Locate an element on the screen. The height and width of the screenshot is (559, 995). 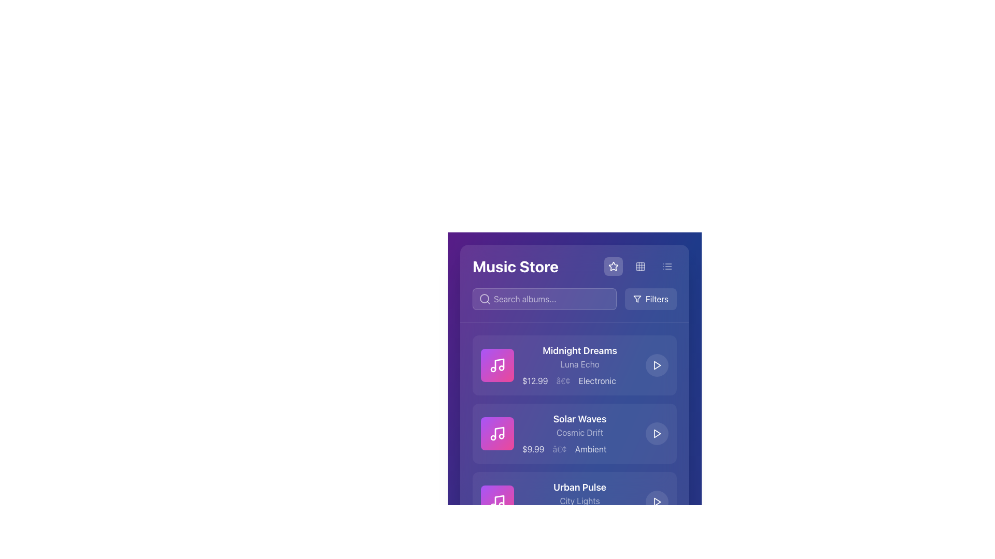
text label identifying the name of the second displayed music album, positioned between 'Midnight Dreams' and 'Urban Pulse' is located at coordinates (579, 419).